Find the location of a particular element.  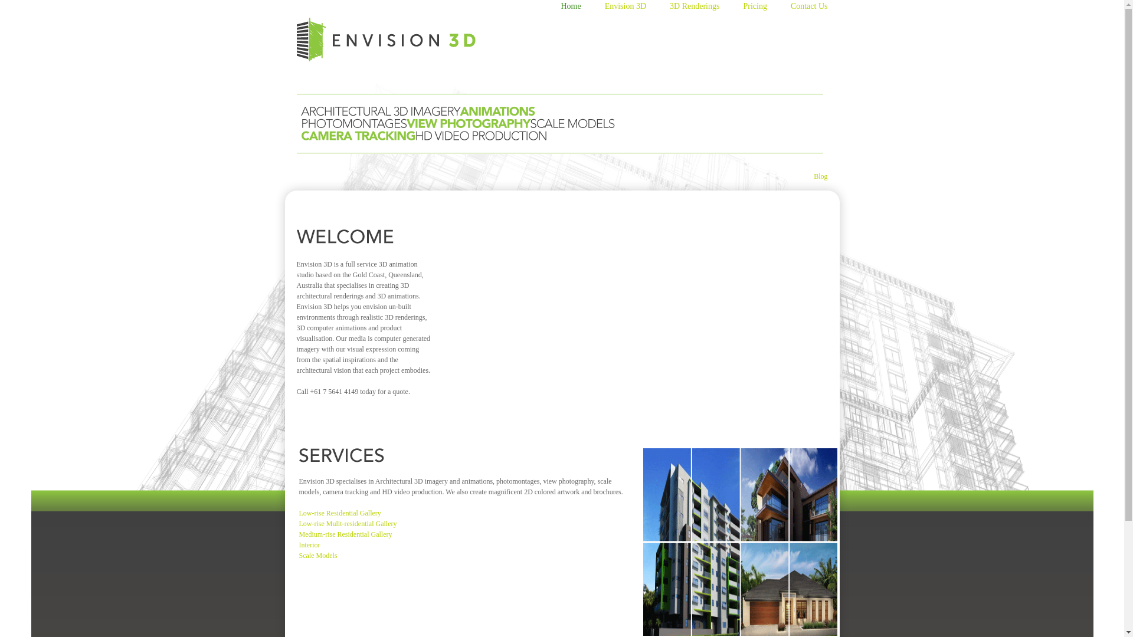

'Home' is located at coordinates (577, 8).